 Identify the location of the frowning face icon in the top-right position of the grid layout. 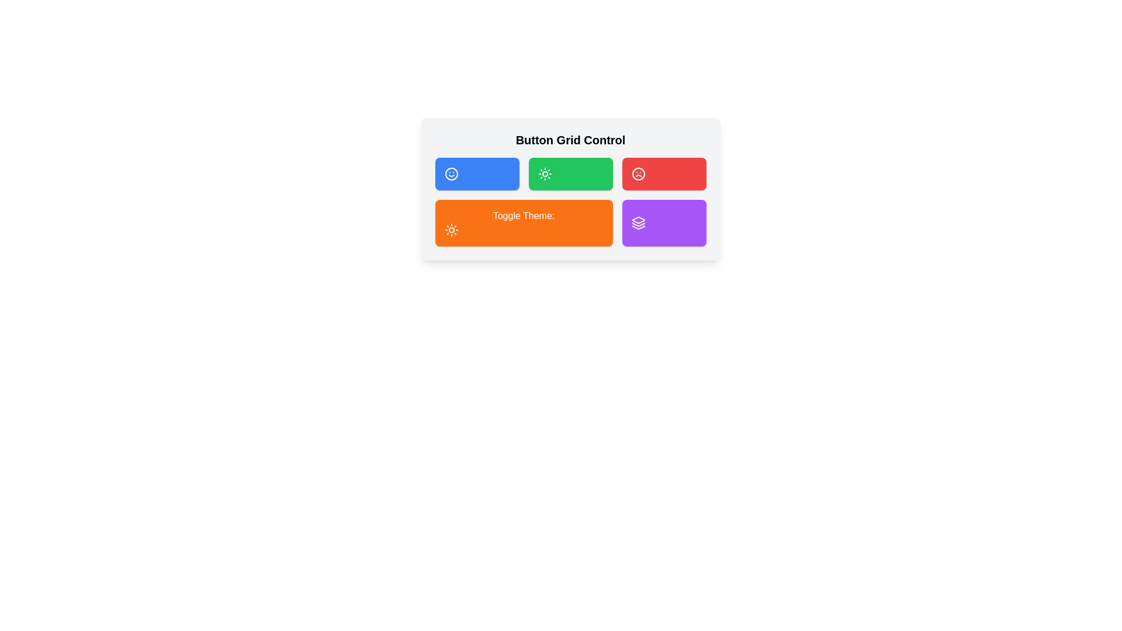
(638, 174).